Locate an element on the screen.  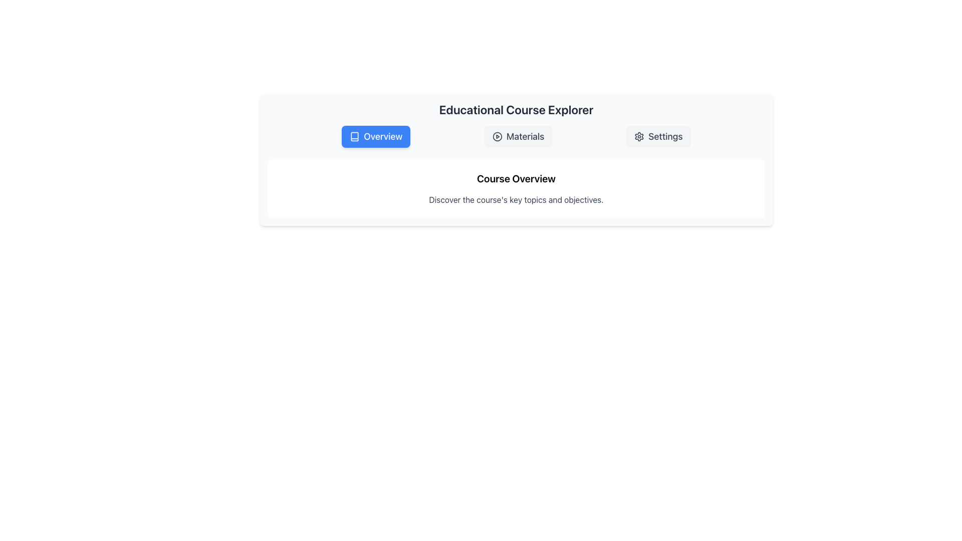
the leftmost navigation button that directs to the overview section of the application to visualize hover effects is located at coordinates (375, 137).